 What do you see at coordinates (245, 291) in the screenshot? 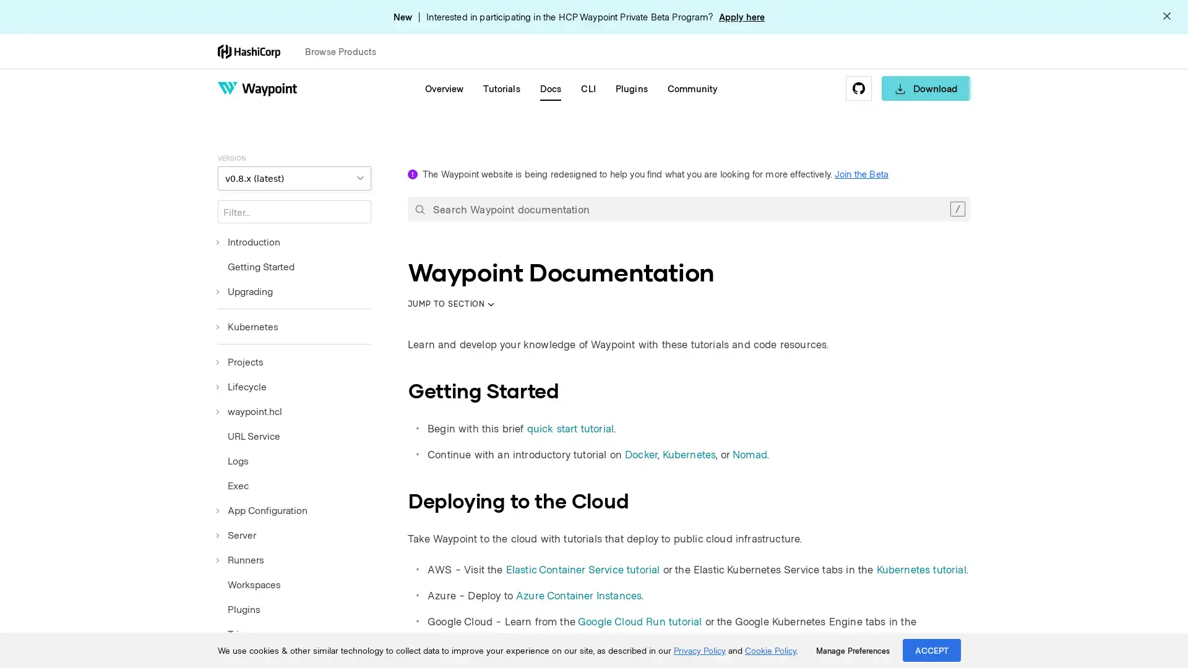
I see `Upgrading` at bounding box center [245, 291].